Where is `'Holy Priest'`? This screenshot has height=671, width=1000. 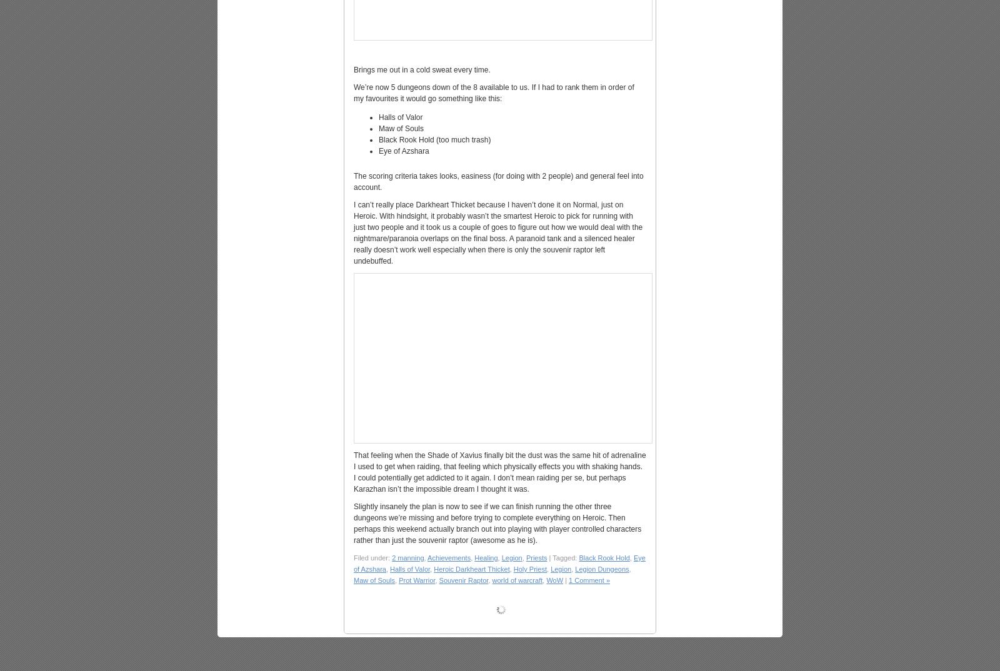
'Holy Priest' is located at coordinates (529, 568).